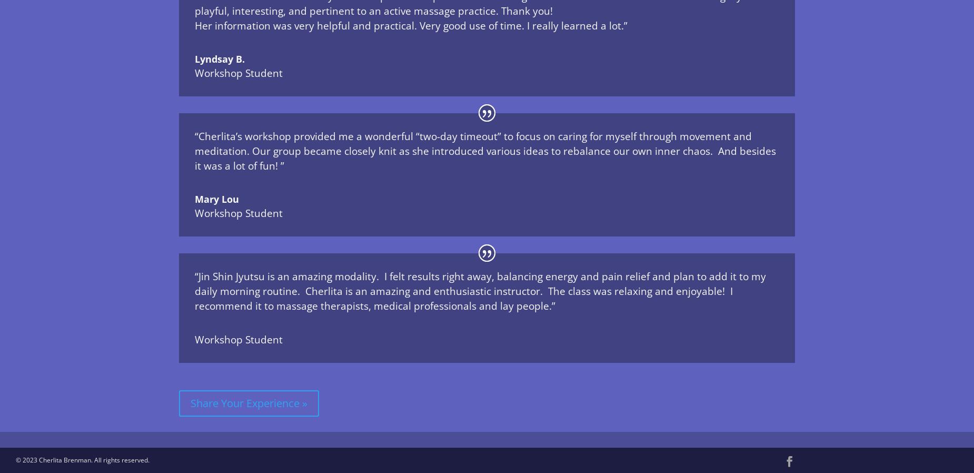 The height and width of the screenshot is (473, 974). Describe the element at coordinates (222, 275) in the screenshot. I see `'Shin'` at that location.